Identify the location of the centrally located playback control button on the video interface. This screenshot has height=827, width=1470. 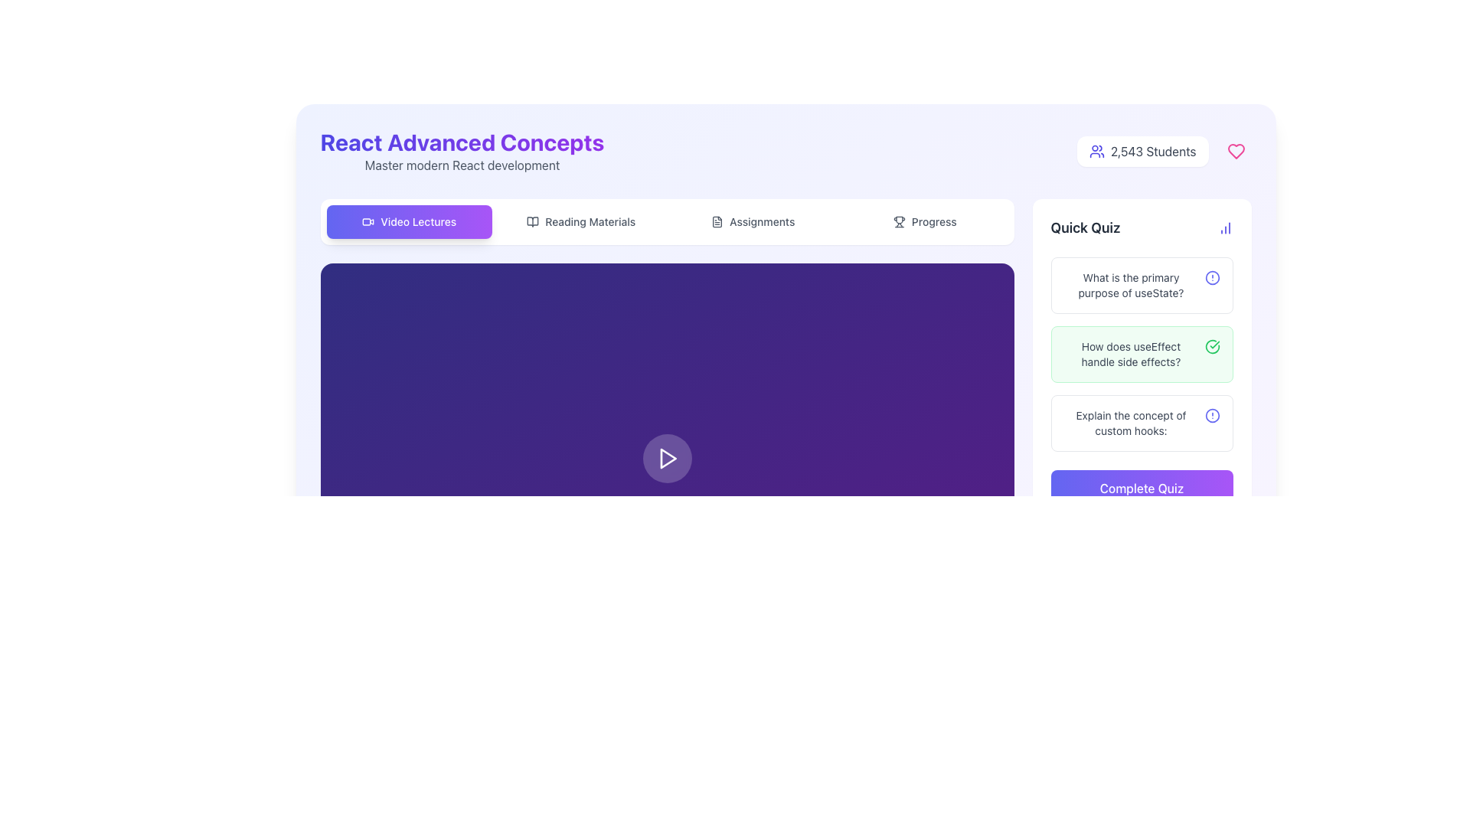
(668, 457).